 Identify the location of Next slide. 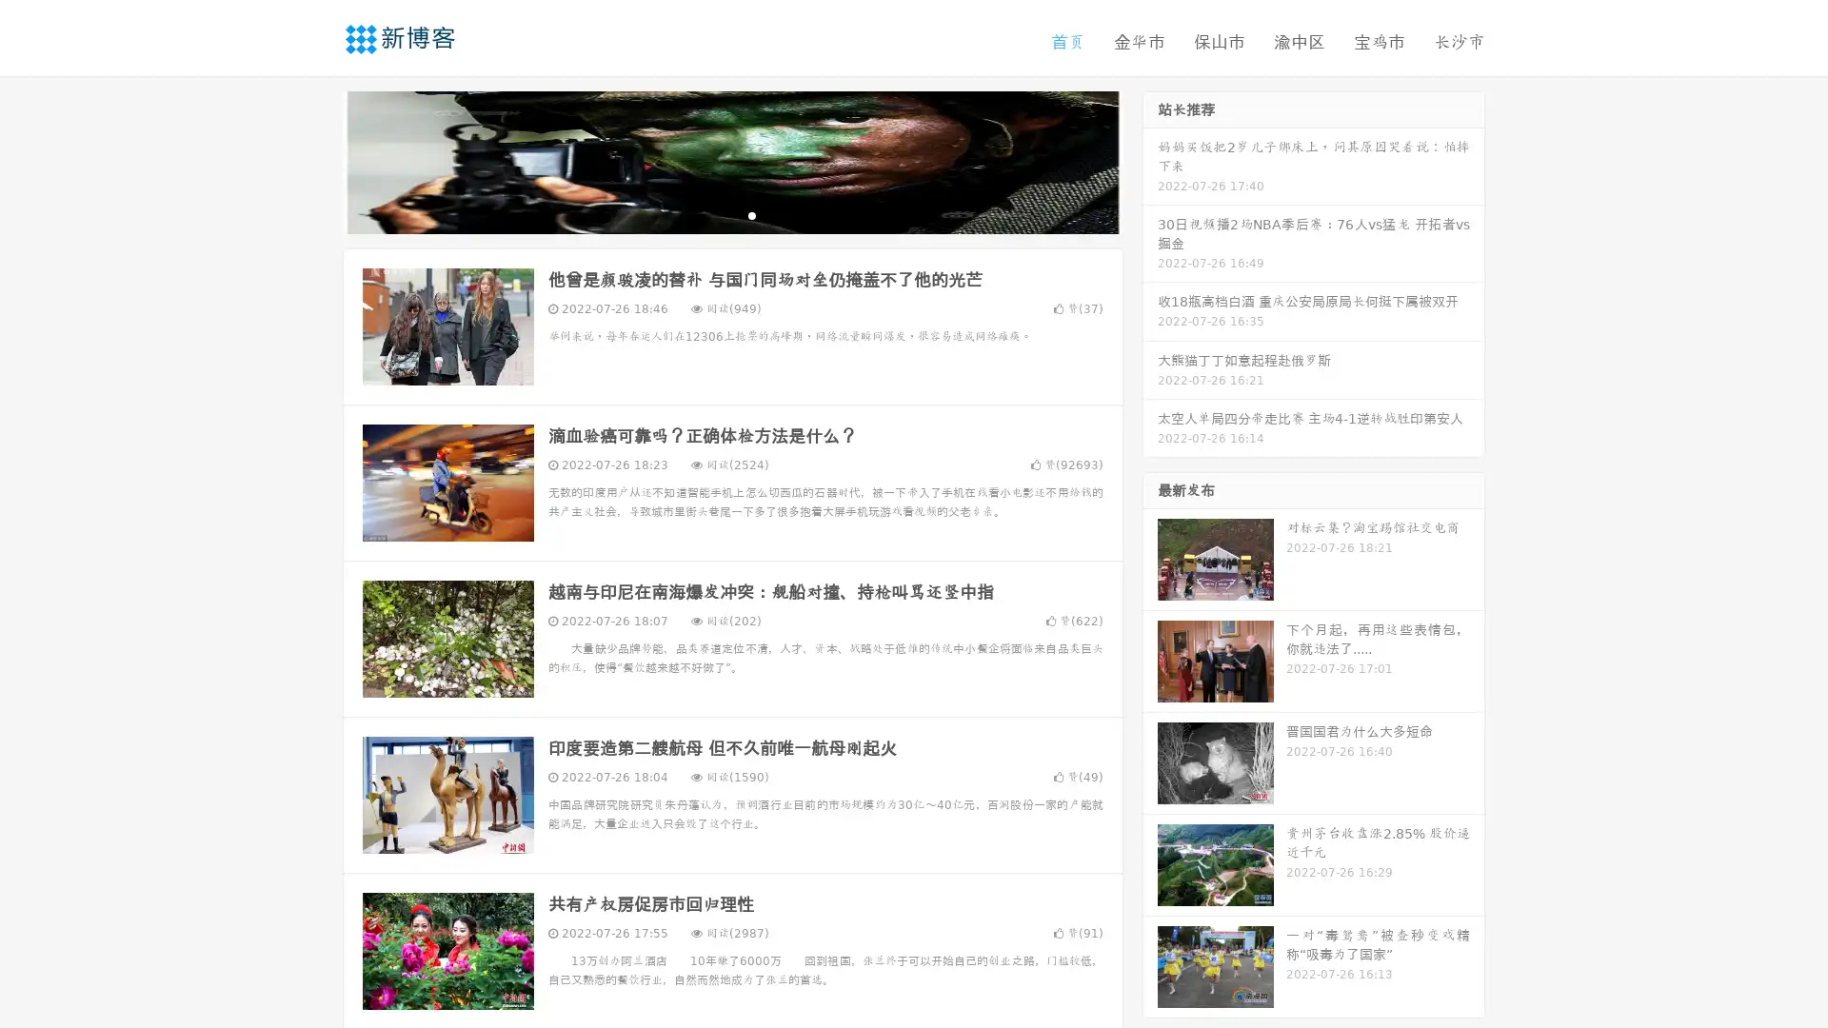
(1150, 160).